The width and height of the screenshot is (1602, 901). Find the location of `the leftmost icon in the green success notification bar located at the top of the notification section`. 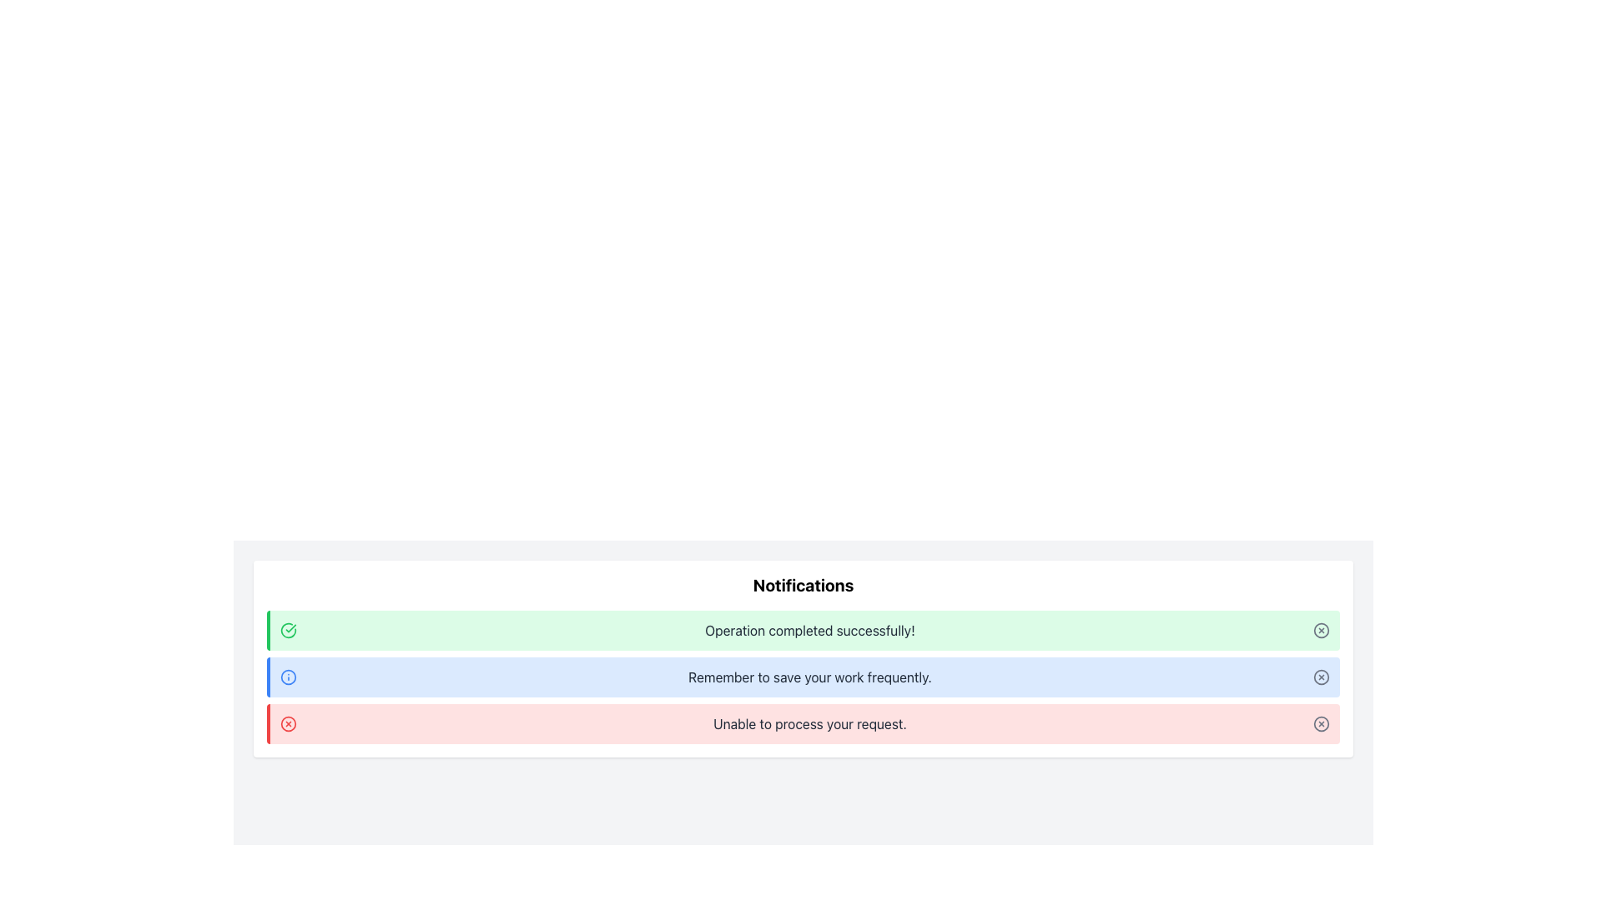

the leftmost icon in the green success notification bar located at the top of the notification section is located at coordinates (288, 631).